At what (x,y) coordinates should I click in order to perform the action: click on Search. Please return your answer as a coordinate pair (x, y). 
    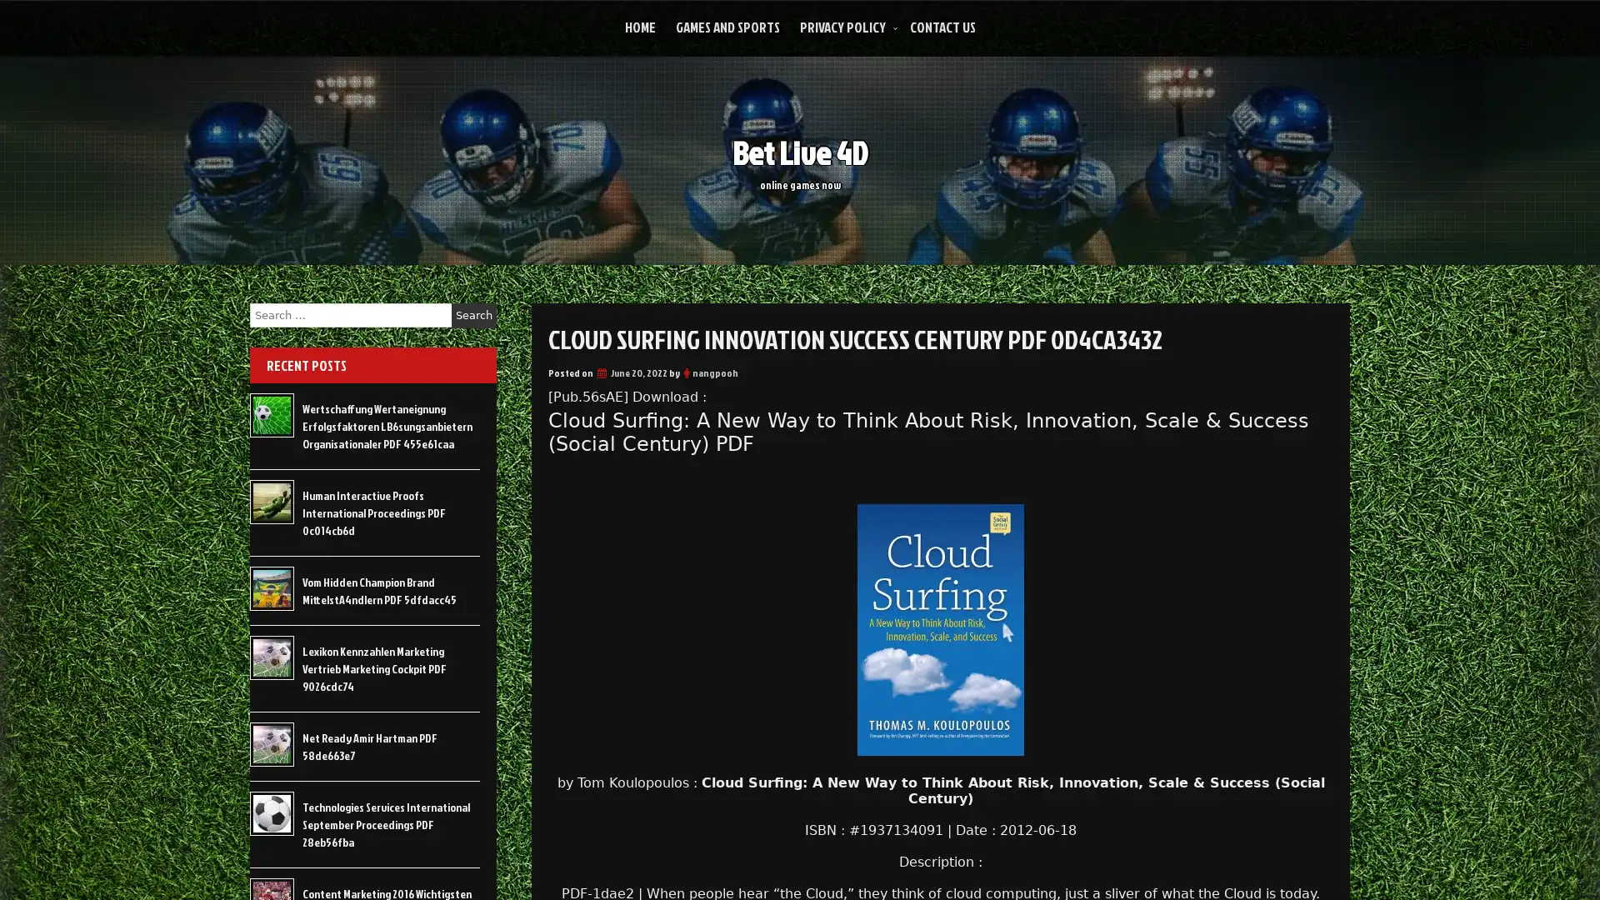
    Looking at the image, I should click on (473, 315).